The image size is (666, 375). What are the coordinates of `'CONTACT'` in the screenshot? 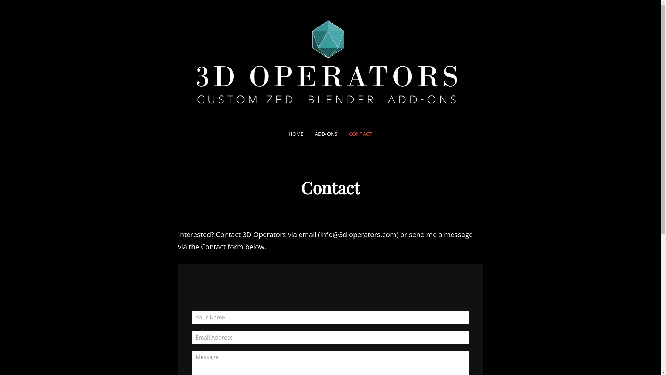 It's located at (360, 134).